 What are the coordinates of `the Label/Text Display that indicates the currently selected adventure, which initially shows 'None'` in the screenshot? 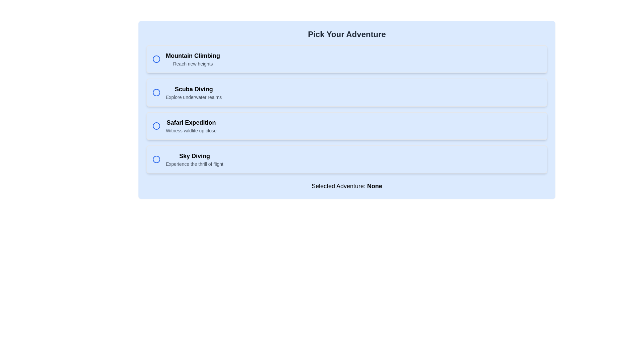 It's located at (347, 186).